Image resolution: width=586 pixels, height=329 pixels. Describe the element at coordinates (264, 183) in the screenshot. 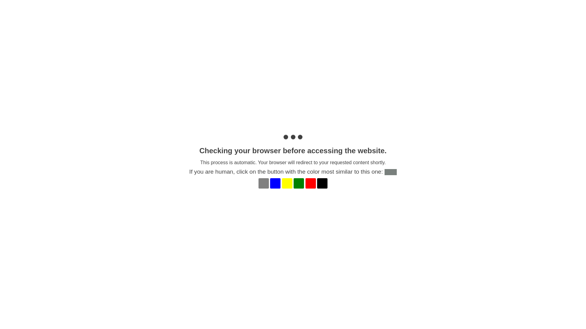

I see `'GRAY'` at that location.